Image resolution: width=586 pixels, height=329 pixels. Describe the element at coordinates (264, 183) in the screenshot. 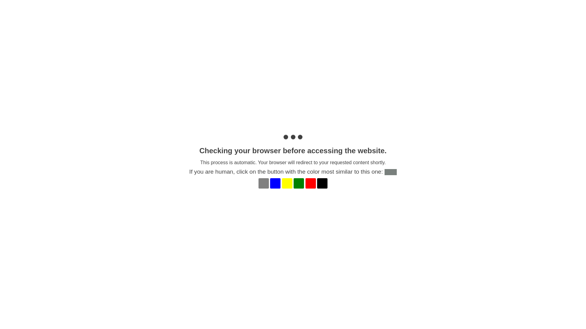

I see `'GRAY'` at that location.